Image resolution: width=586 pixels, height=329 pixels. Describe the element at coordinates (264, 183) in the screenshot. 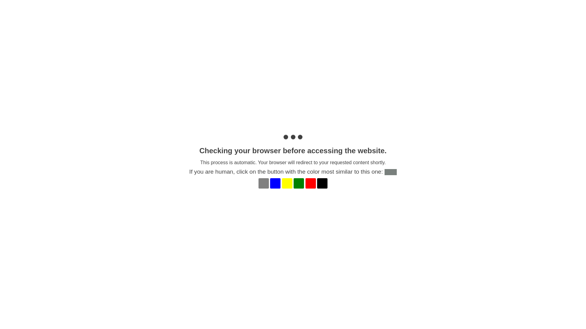

I see `'GRAY'` at that location.